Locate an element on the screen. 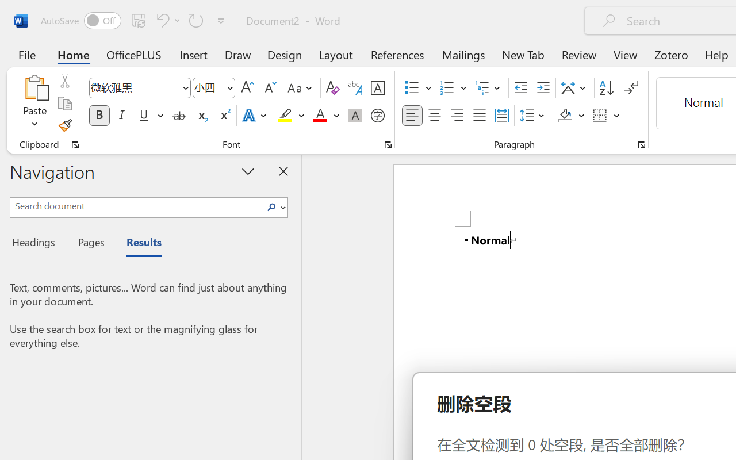 This screenshot has height=460, width=736. 'Clear Formatting' is located at coordinates (332, 88).